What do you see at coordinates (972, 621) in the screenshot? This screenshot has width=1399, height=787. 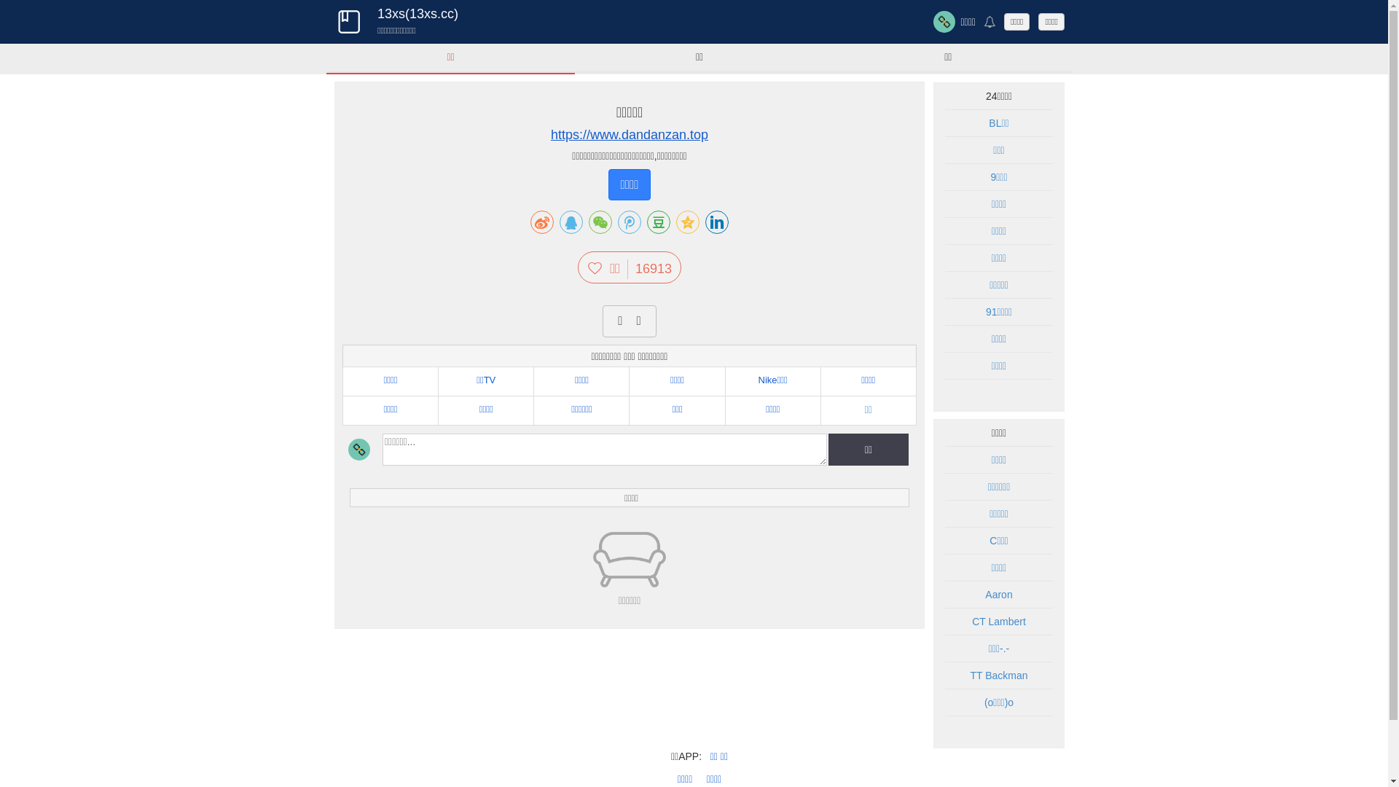 I see `'CT Lambert'` at bounding box center [972, 621].